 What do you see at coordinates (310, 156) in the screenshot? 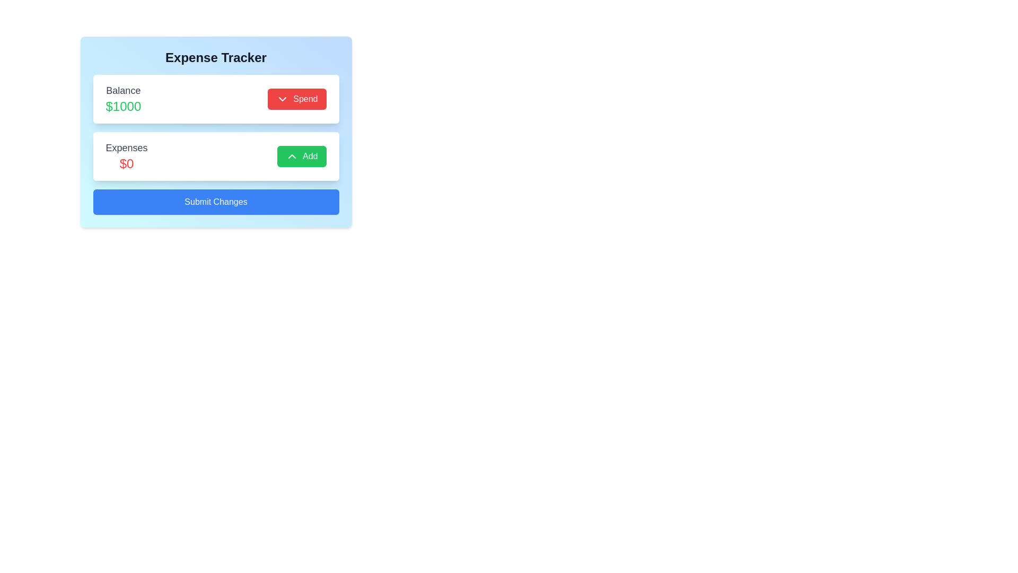
I see `the text label inside the 'Add' button in the 'Expenses' row` at bounding box center [310, 156].